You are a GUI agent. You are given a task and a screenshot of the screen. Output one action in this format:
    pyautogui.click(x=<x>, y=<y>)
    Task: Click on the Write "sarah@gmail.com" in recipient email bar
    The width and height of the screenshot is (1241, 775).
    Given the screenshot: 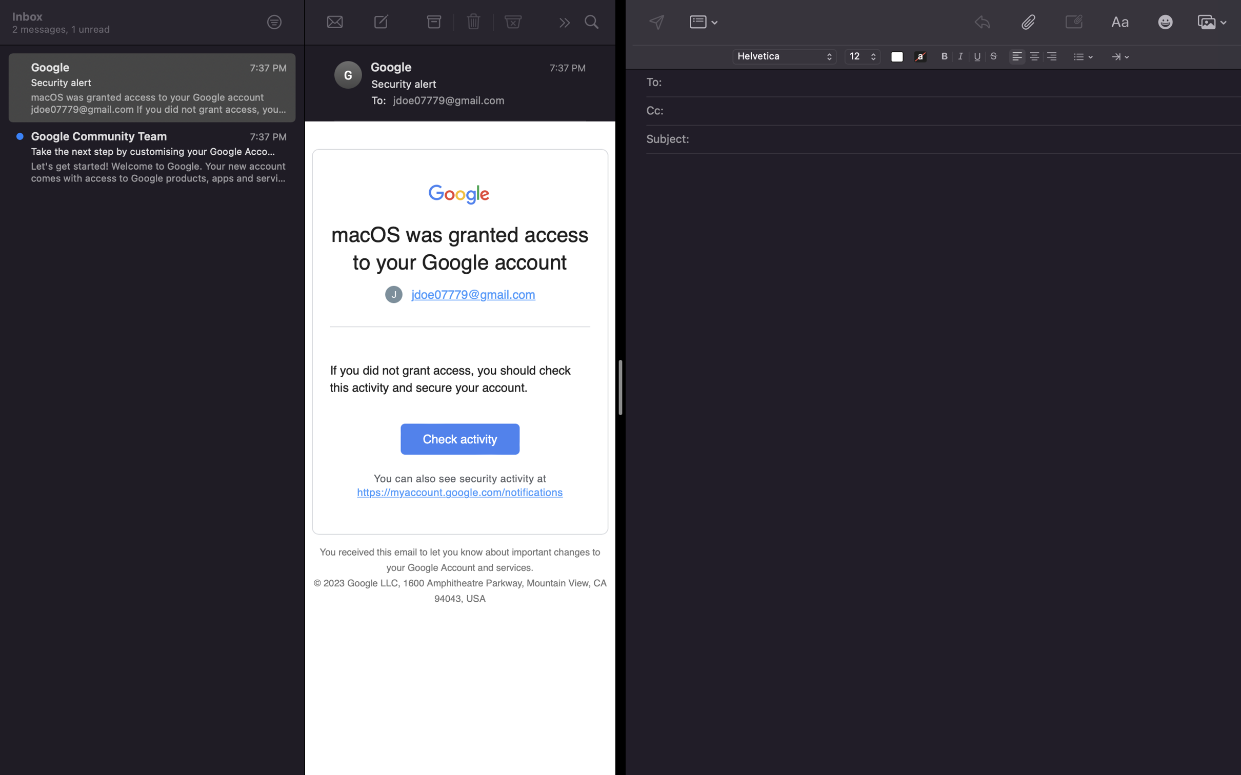 What is the action you would take?
    pyautogui.click(x=951, y=83)
    